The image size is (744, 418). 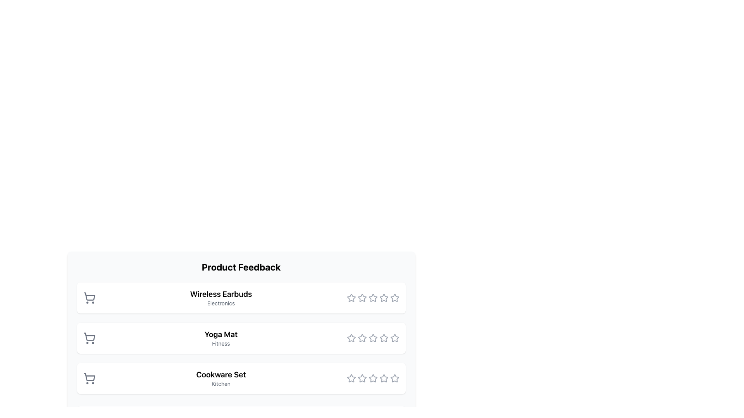 What do you see at coordinates (394, 297) in the screenshot?
I see `the fifth rating star in the 'Product Feedback' section to provide a rating for the 'Wireless Earbuds'` at bounding box center [394, 297].